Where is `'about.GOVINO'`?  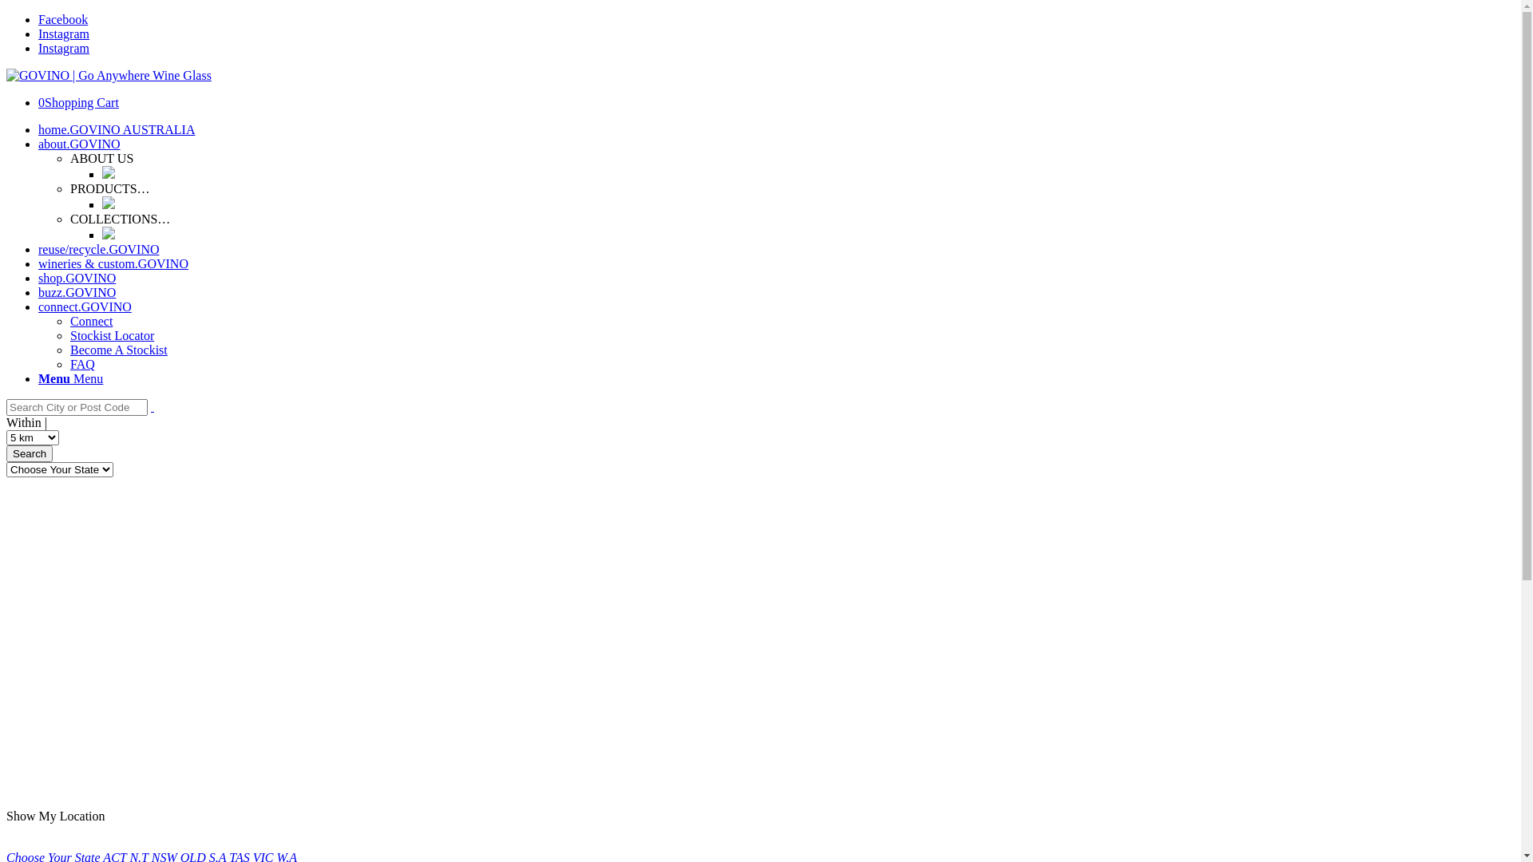
'about.GOVINO' is located at coordinates (78, 144).